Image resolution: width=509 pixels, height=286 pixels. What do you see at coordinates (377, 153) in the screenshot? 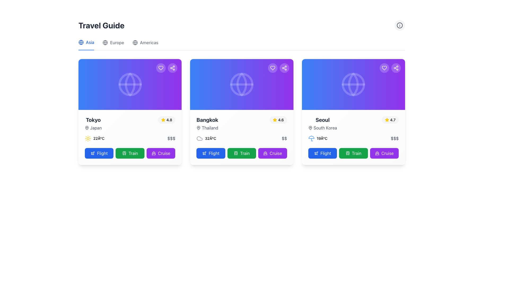
I see `the 'Cruise' icon located in the third card (Seoul) just left of the text 'Cruise'` at bounding box center [377, 153].